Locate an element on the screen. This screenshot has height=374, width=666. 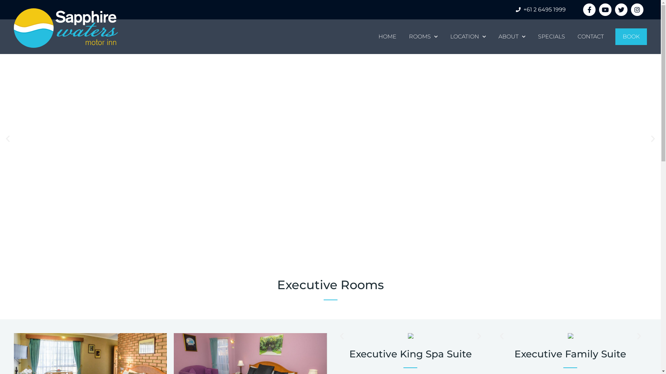
'+61 2 6495 1999' is located at coordinates (540, 9).